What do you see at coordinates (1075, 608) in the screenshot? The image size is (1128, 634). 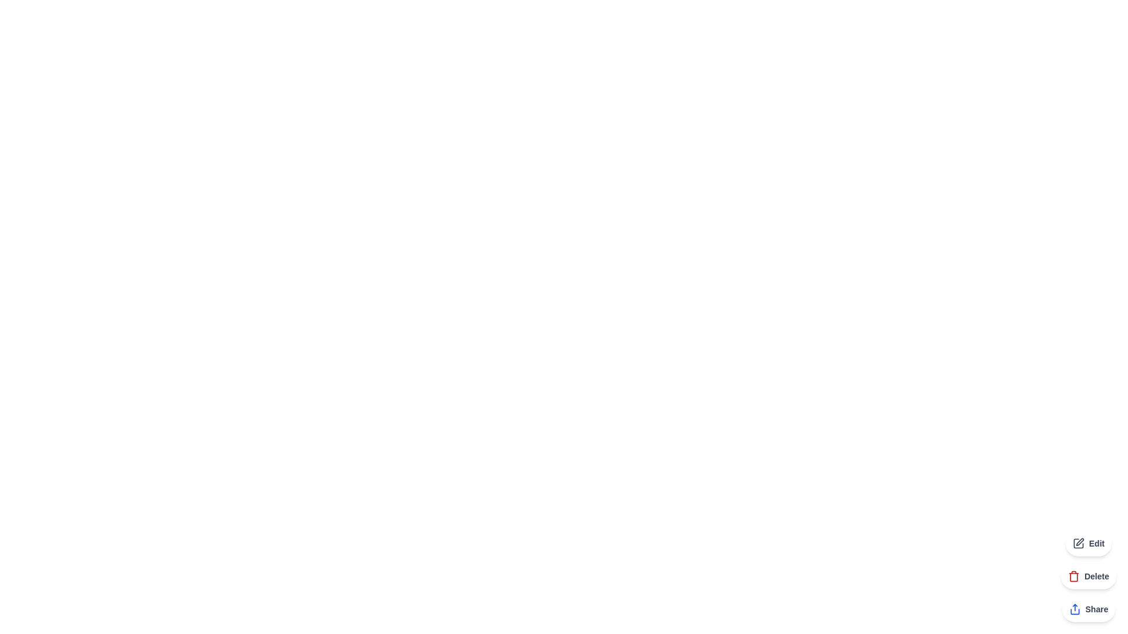 I see `the blue share icon, which features an upward arrow and is located to the left of the 'Share' text label in the button group at the bottom-right corner of the interface` at bounding box center [1075, 608].